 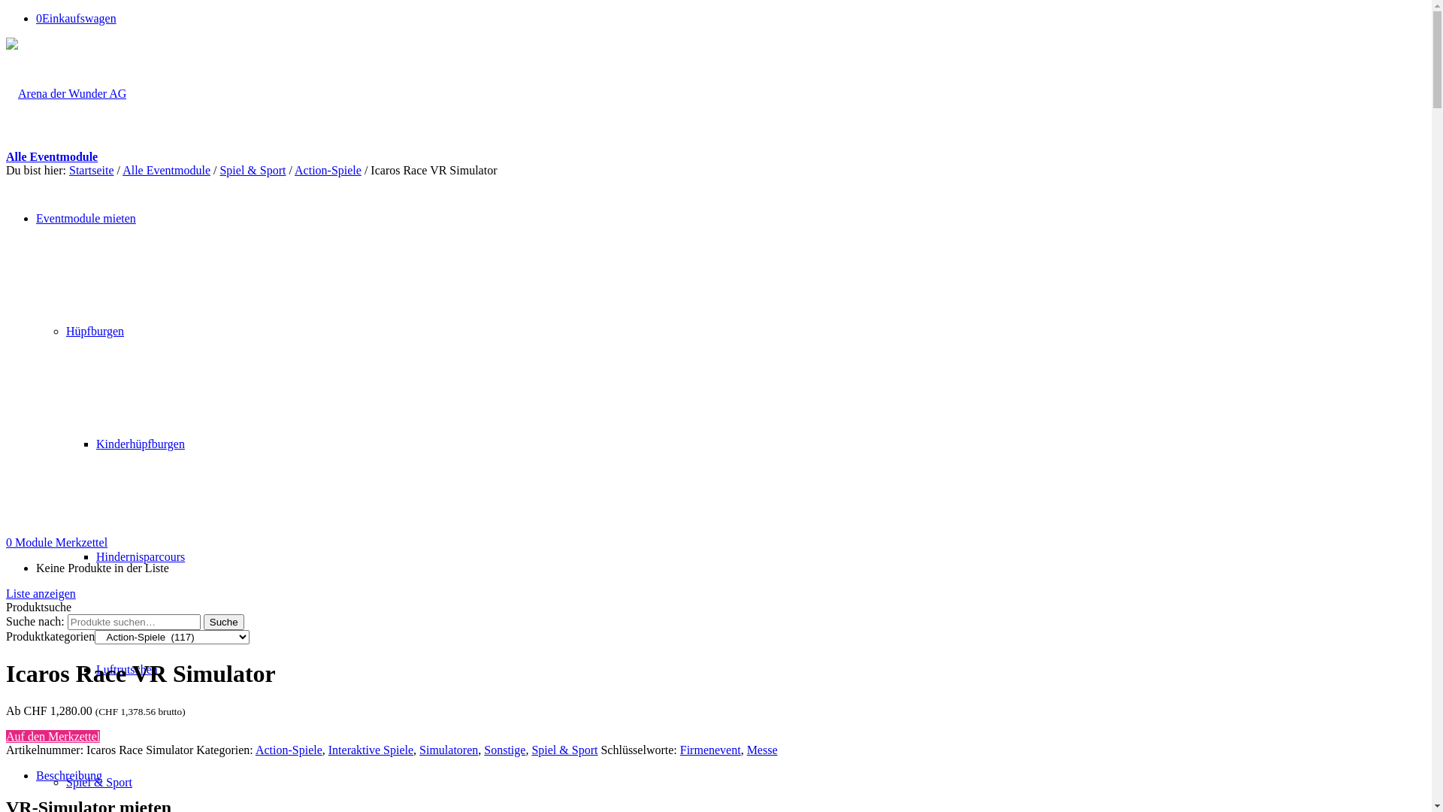 What do you see at coordinates (85, 218) in the screenshot?
I see `'Eventmodule mieten'` at bounding box center [85, 218].